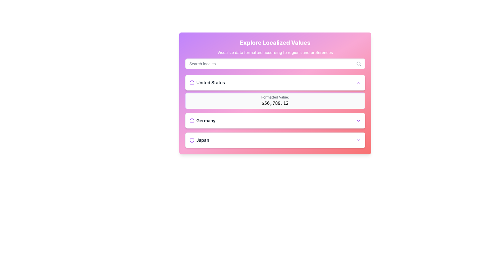  I want to click on the 'United States' label which is positioned at the top of a list of locales, adjacent to a purple circular icon, so click(210, 82).